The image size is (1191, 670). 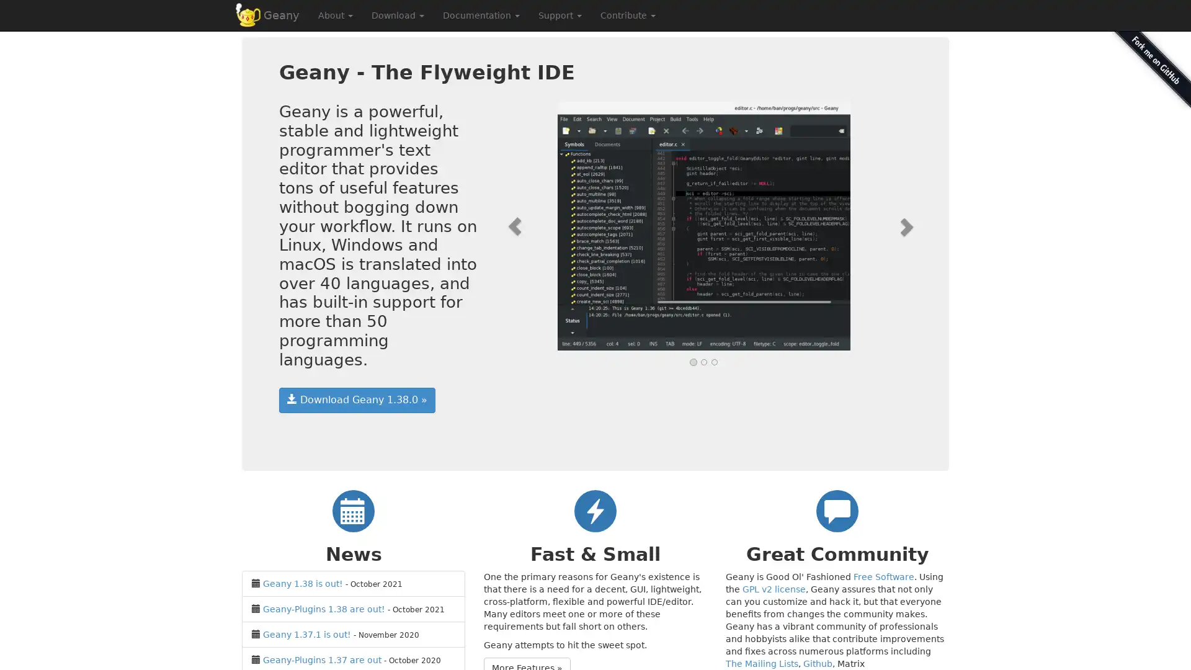 I want to click on Previous, so click(x=527, y=226).